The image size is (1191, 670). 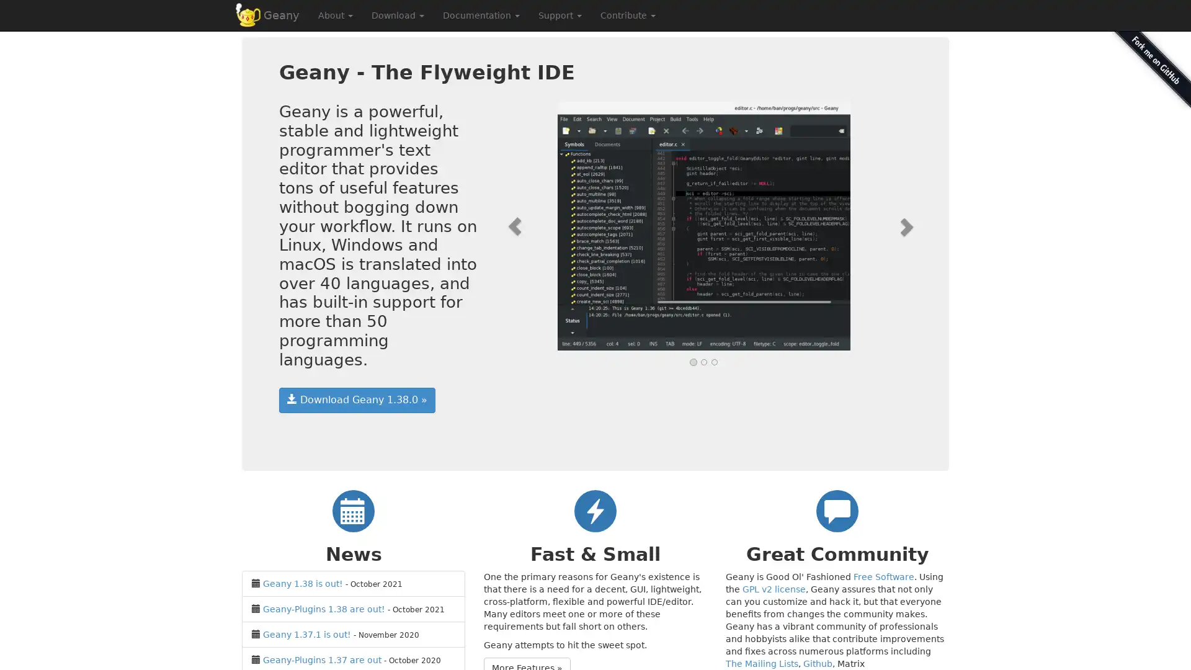 I want to click on Previous, so click(x=527, y=226).